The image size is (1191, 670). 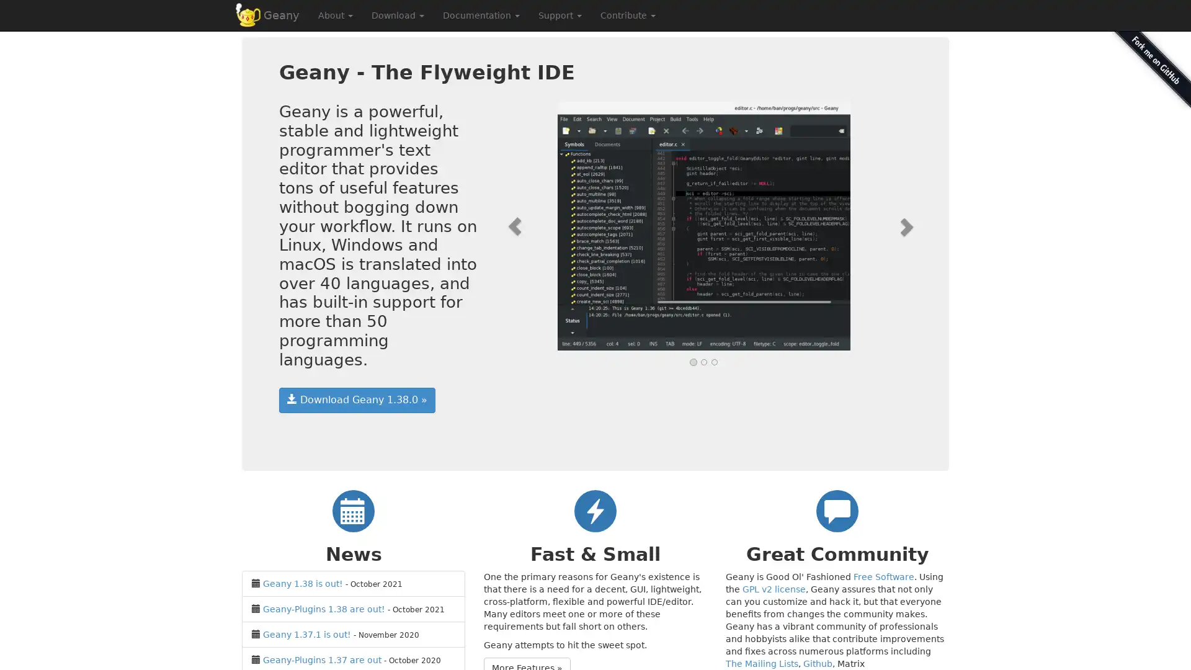 I want to click on Previous, so click(x=527, y=226).